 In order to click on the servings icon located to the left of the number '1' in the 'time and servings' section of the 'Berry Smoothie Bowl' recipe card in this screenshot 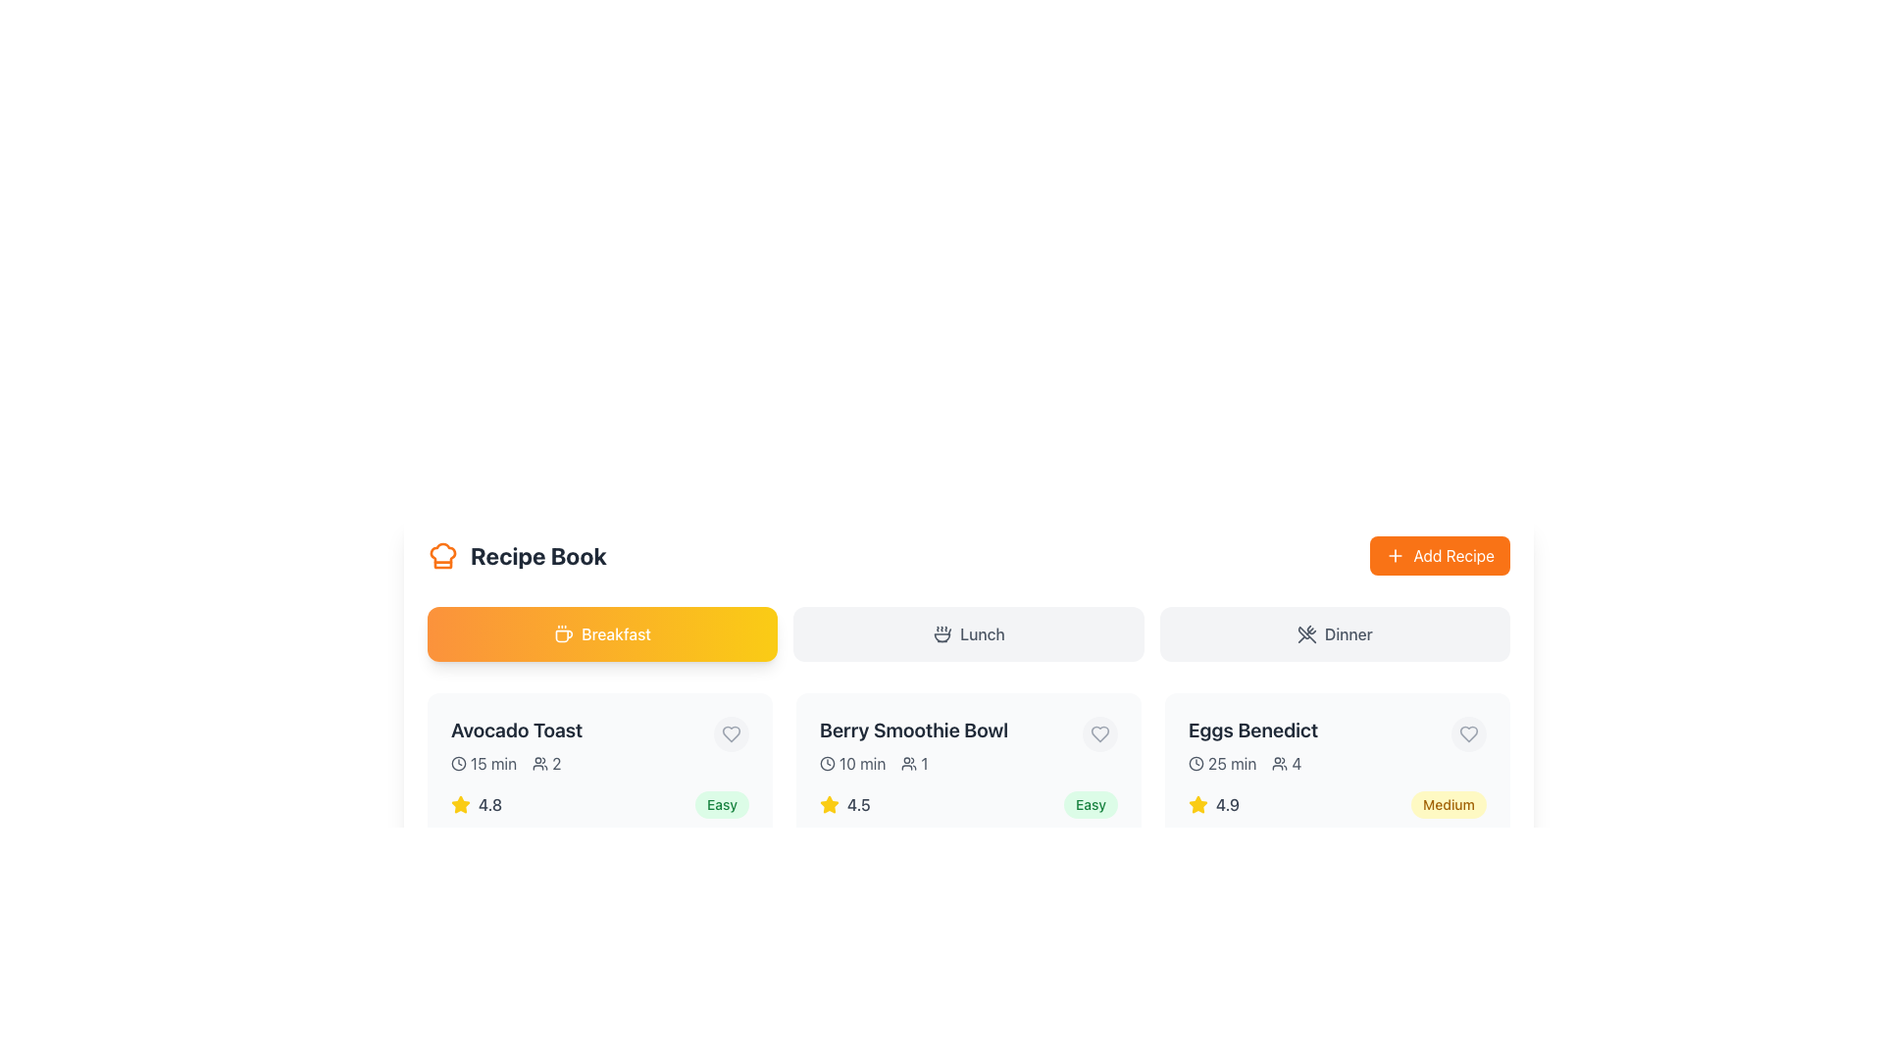, I will do `click(908, 763)`.